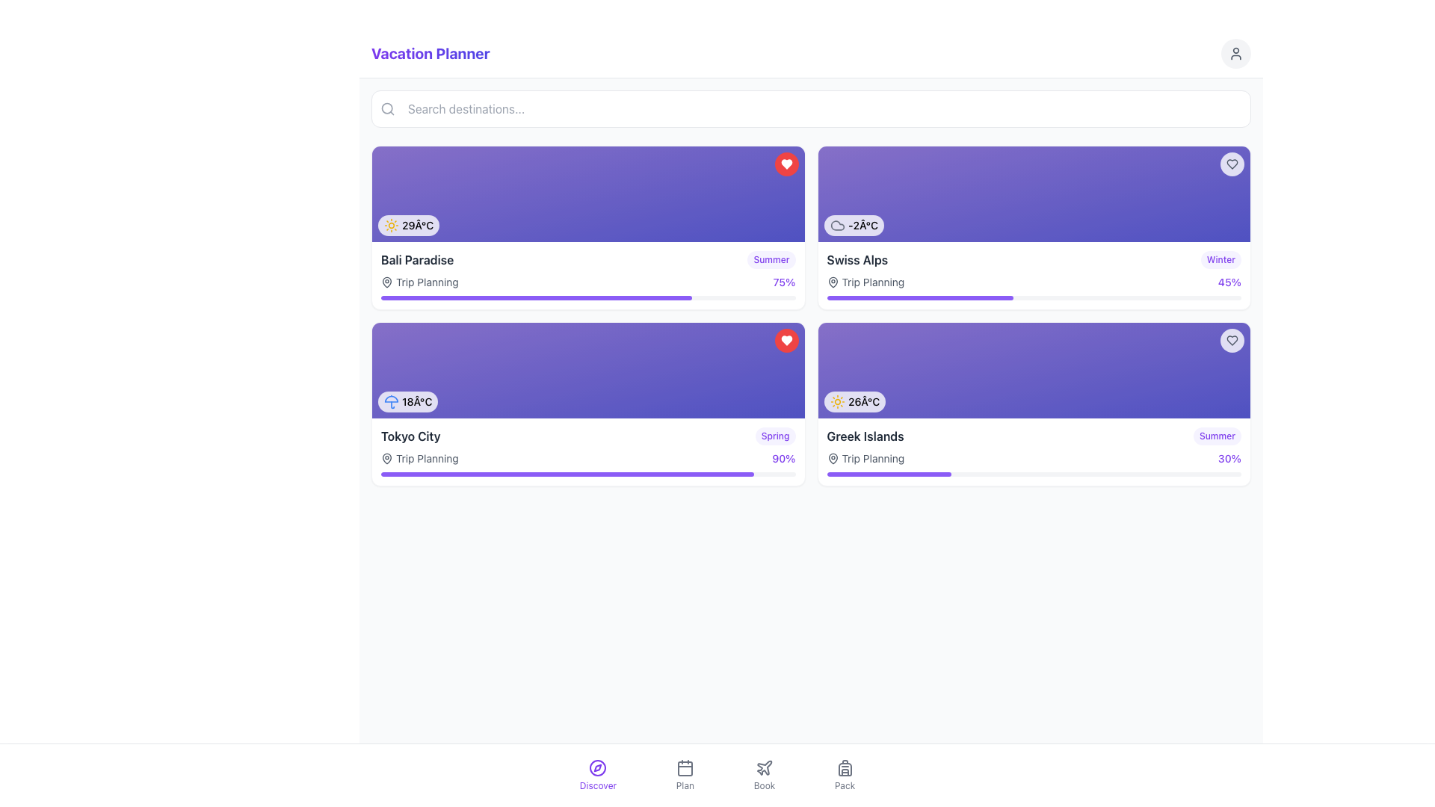  Describe the element at coordinates (684, 774) in the screenshot. I see `the navigation button located in the bottom navbar, specifically the second button from the left` at that location.